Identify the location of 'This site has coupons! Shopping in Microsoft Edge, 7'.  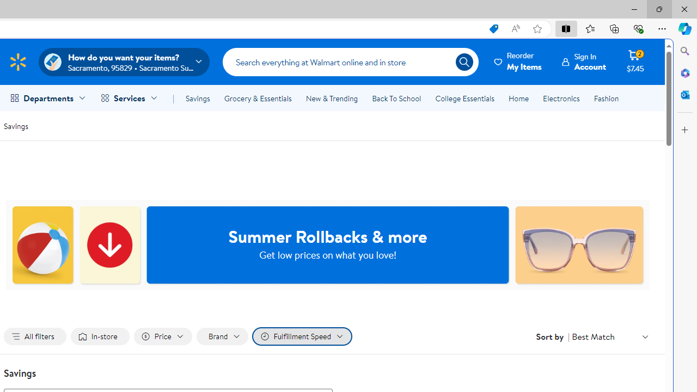
(493, 28).